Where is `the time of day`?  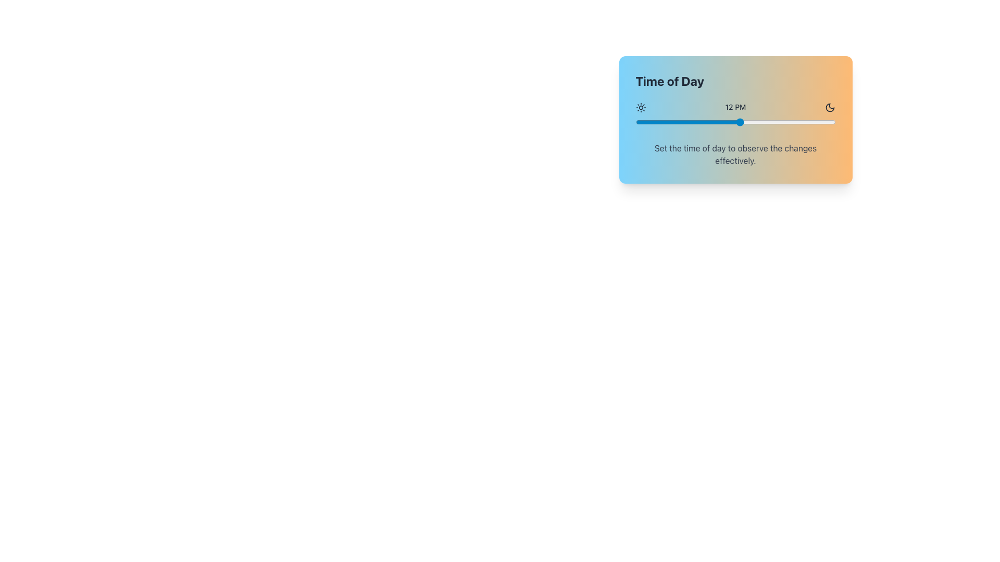 the time of day is located at coordinates (792, 122).